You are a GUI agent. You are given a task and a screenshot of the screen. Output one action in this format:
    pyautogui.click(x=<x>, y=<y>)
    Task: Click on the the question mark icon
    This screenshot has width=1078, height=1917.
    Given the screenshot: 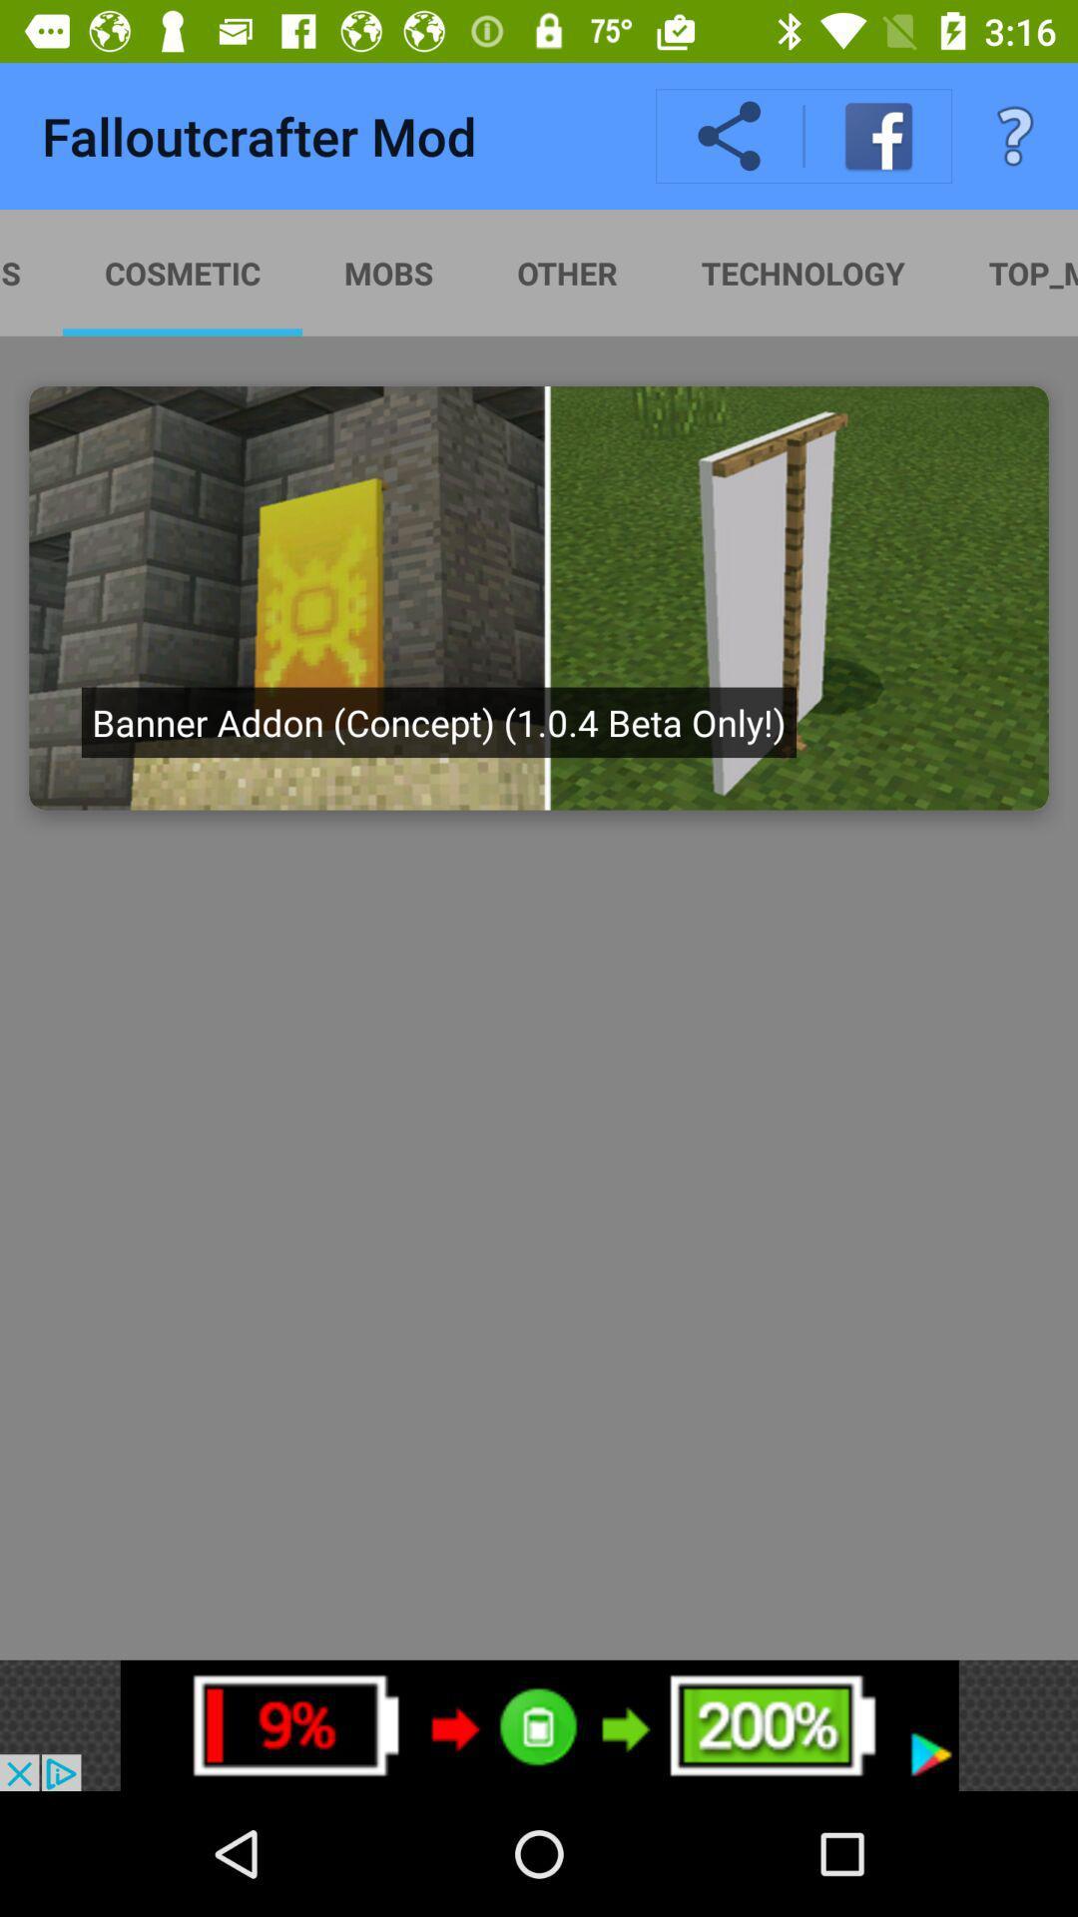 What is the action you would take?
    pyautogui.click(x=1015, y=136)
    